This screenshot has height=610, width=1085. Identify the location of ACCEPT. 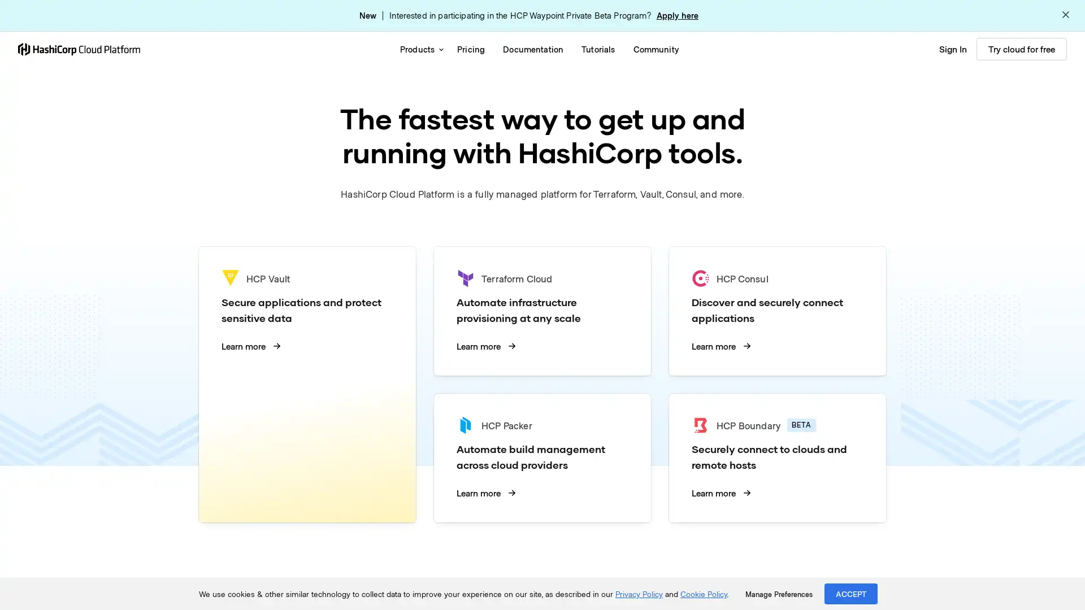
(851, 593).